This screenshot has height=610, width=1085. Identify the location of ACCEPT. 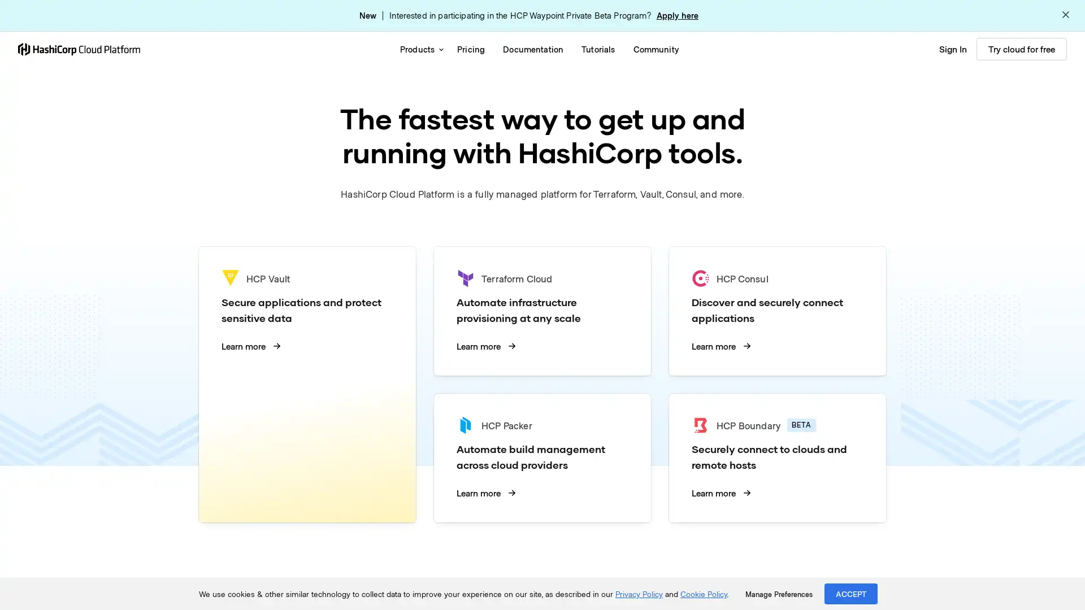
(851, 593).